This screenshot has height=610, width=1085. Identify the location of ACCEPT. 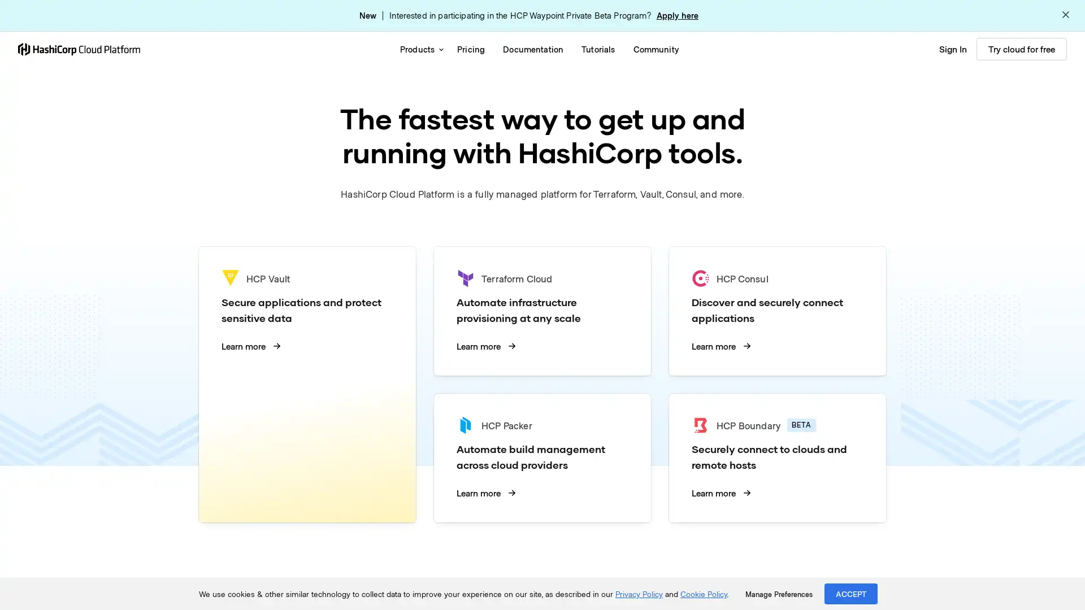
(851, 593).